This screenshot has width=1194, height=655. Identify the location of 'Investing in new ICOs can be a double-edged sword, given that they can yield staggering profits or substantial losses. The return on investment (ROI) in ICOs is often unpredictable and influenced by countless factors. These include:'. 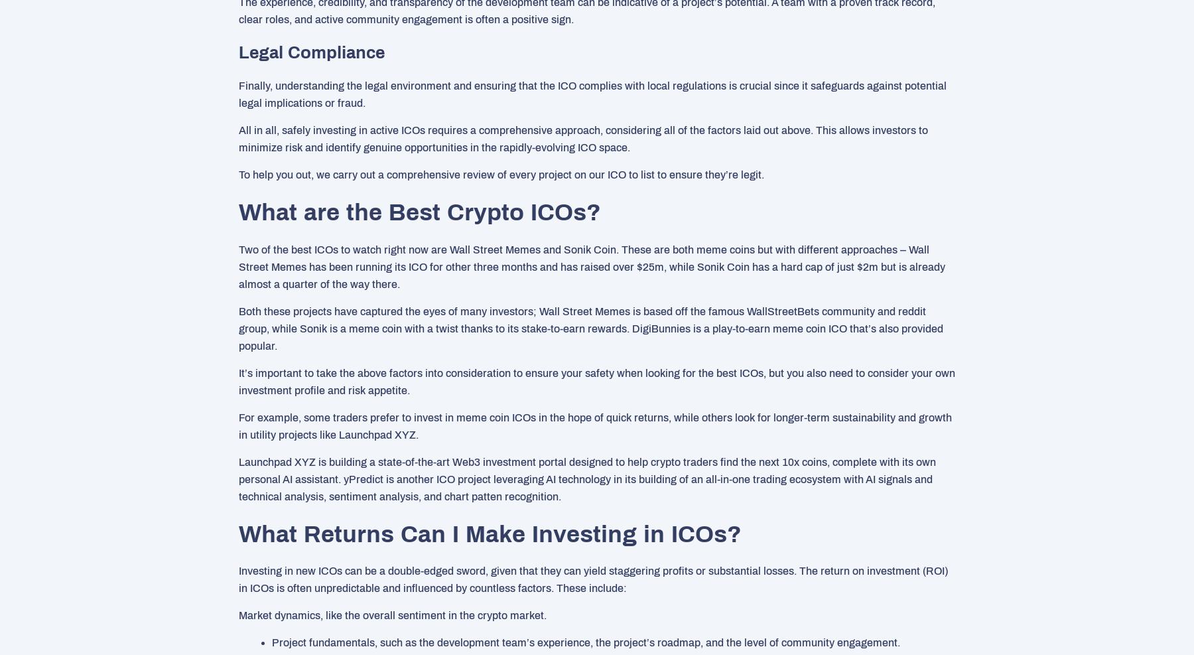
(593, 579).